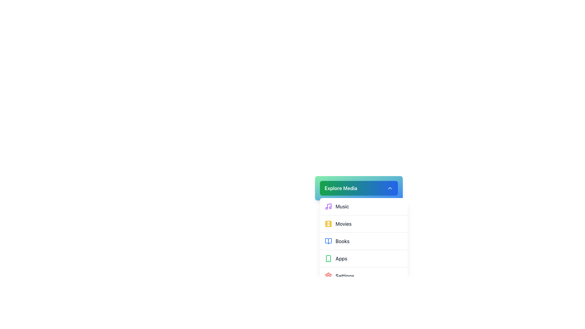  What do you see at coordinates (359, 188) in the screenshot?
I see `the dropdown toggle button located at the top of the dropdown menu interface` at bounding box center [359, 188].